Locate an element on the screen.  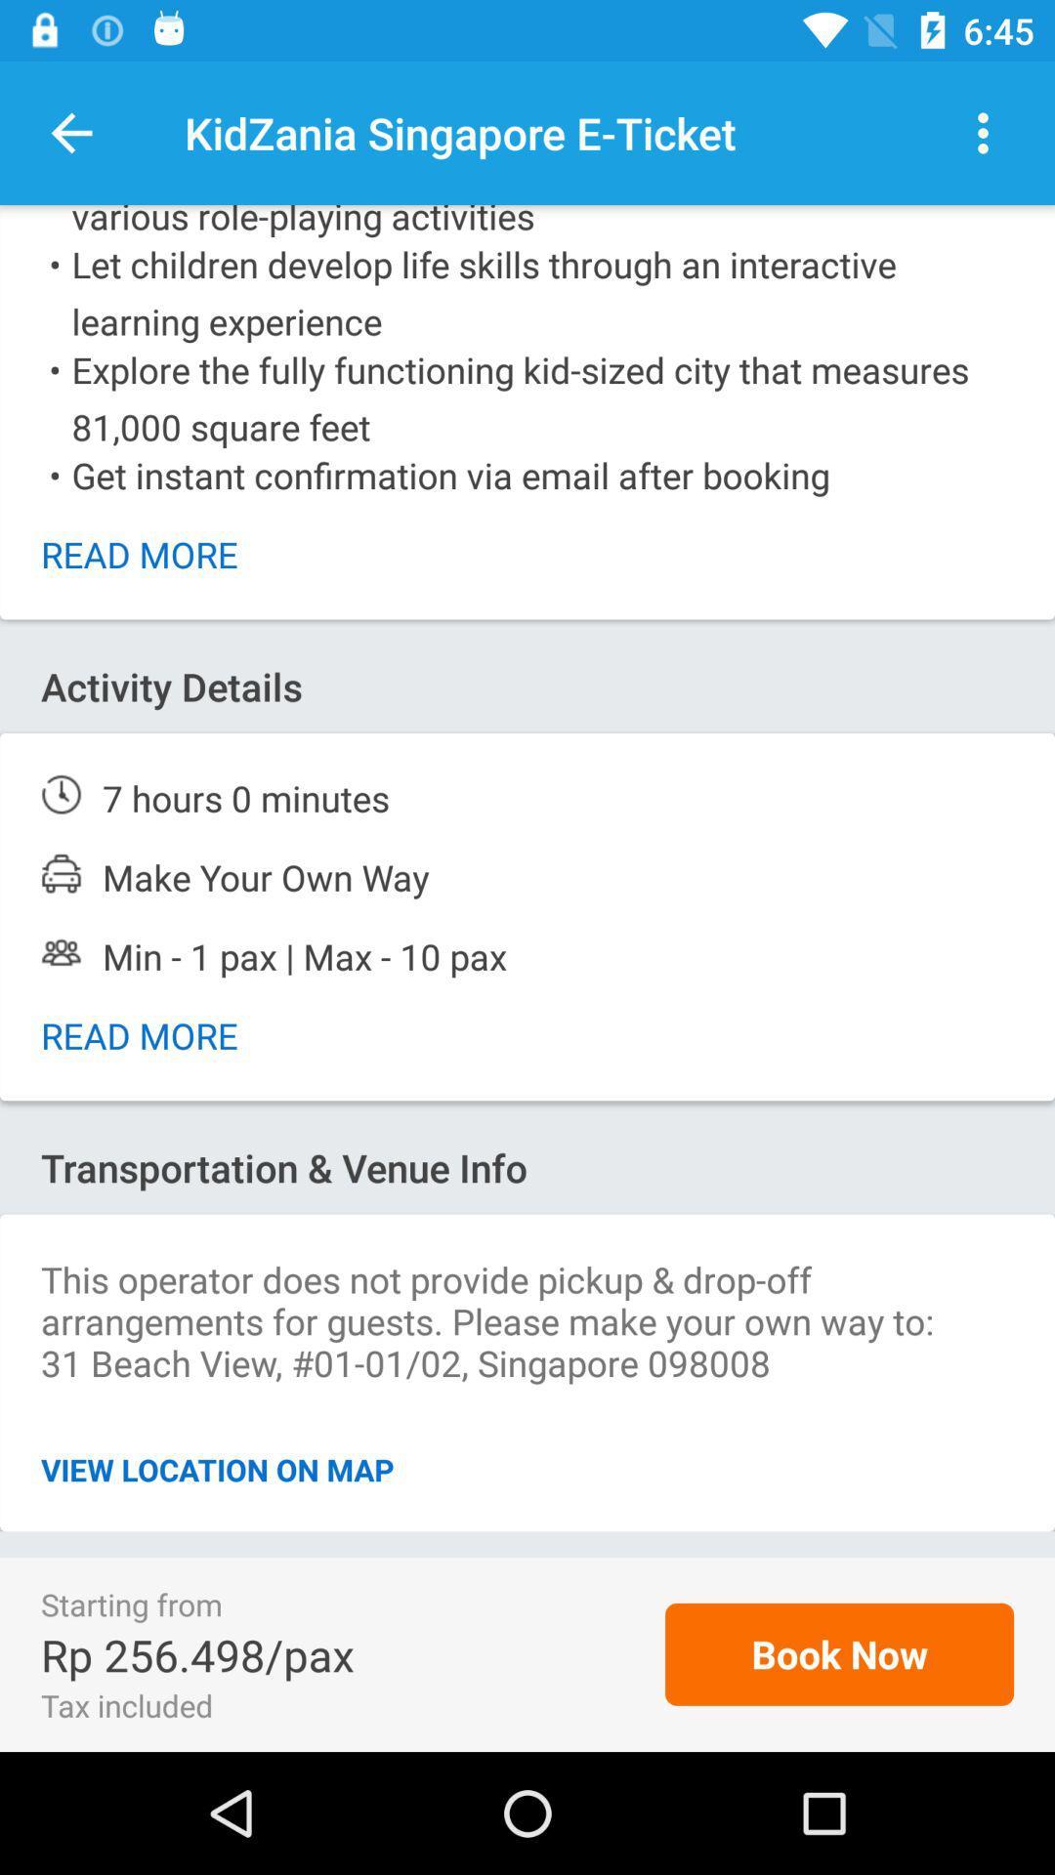
peoples detail is located at coordinates (527, 956).